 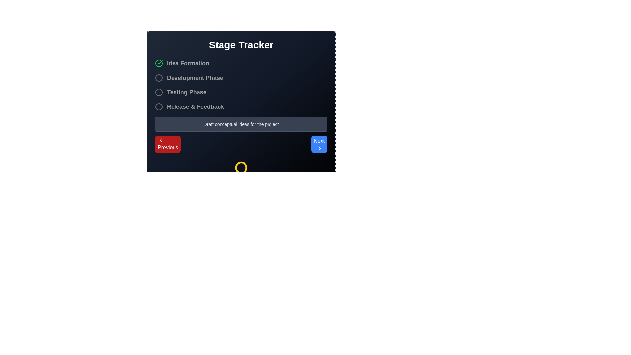 I want to click on the circular interactive icon associated with the 'Release & Feedback' stage, so click(x=159, y=106).